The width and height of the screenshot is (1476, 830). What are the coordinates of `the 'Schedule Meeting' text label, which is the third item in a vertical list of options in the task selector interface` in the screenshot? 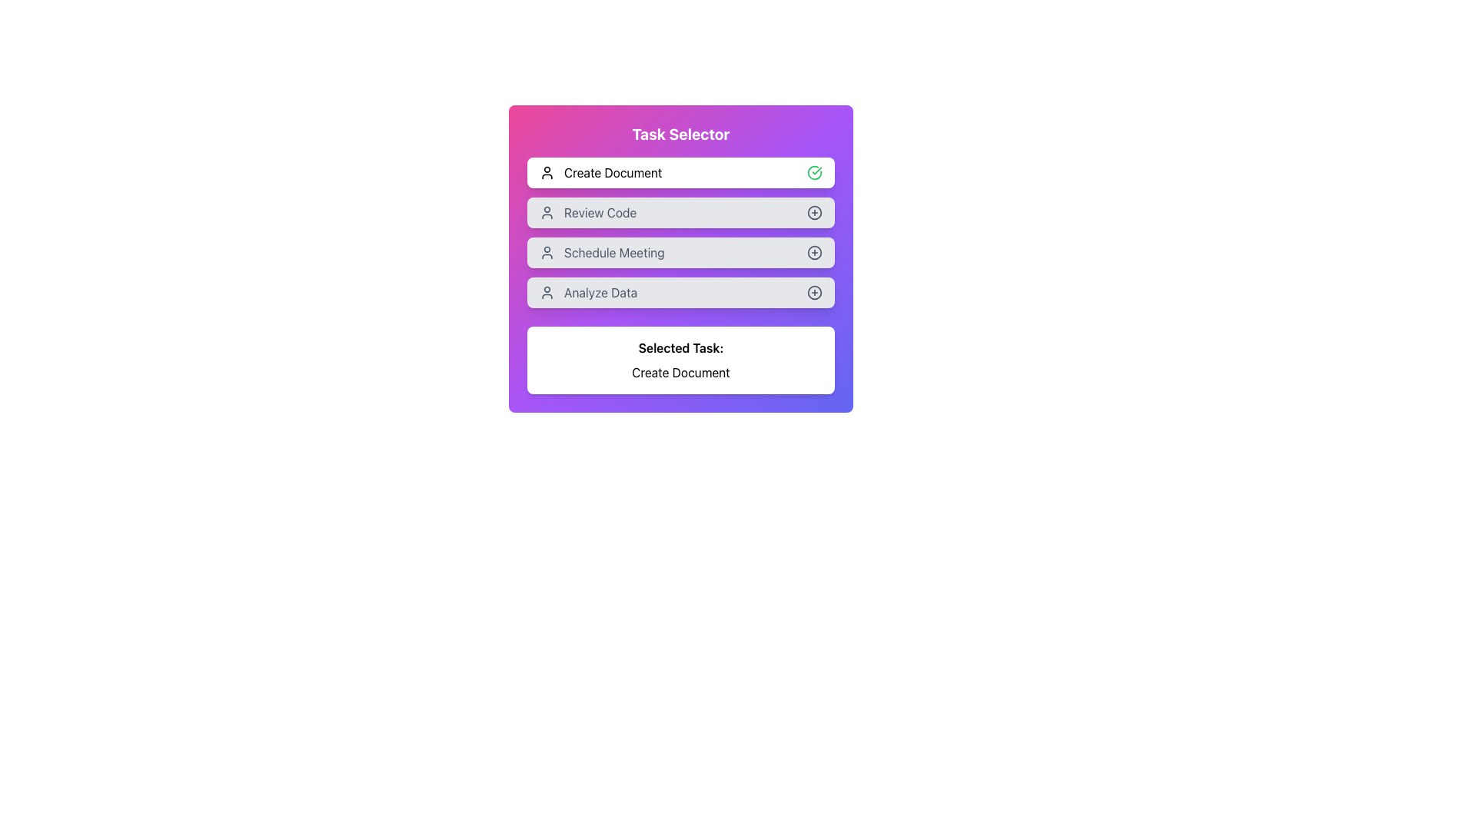 It's located at (601, 251).